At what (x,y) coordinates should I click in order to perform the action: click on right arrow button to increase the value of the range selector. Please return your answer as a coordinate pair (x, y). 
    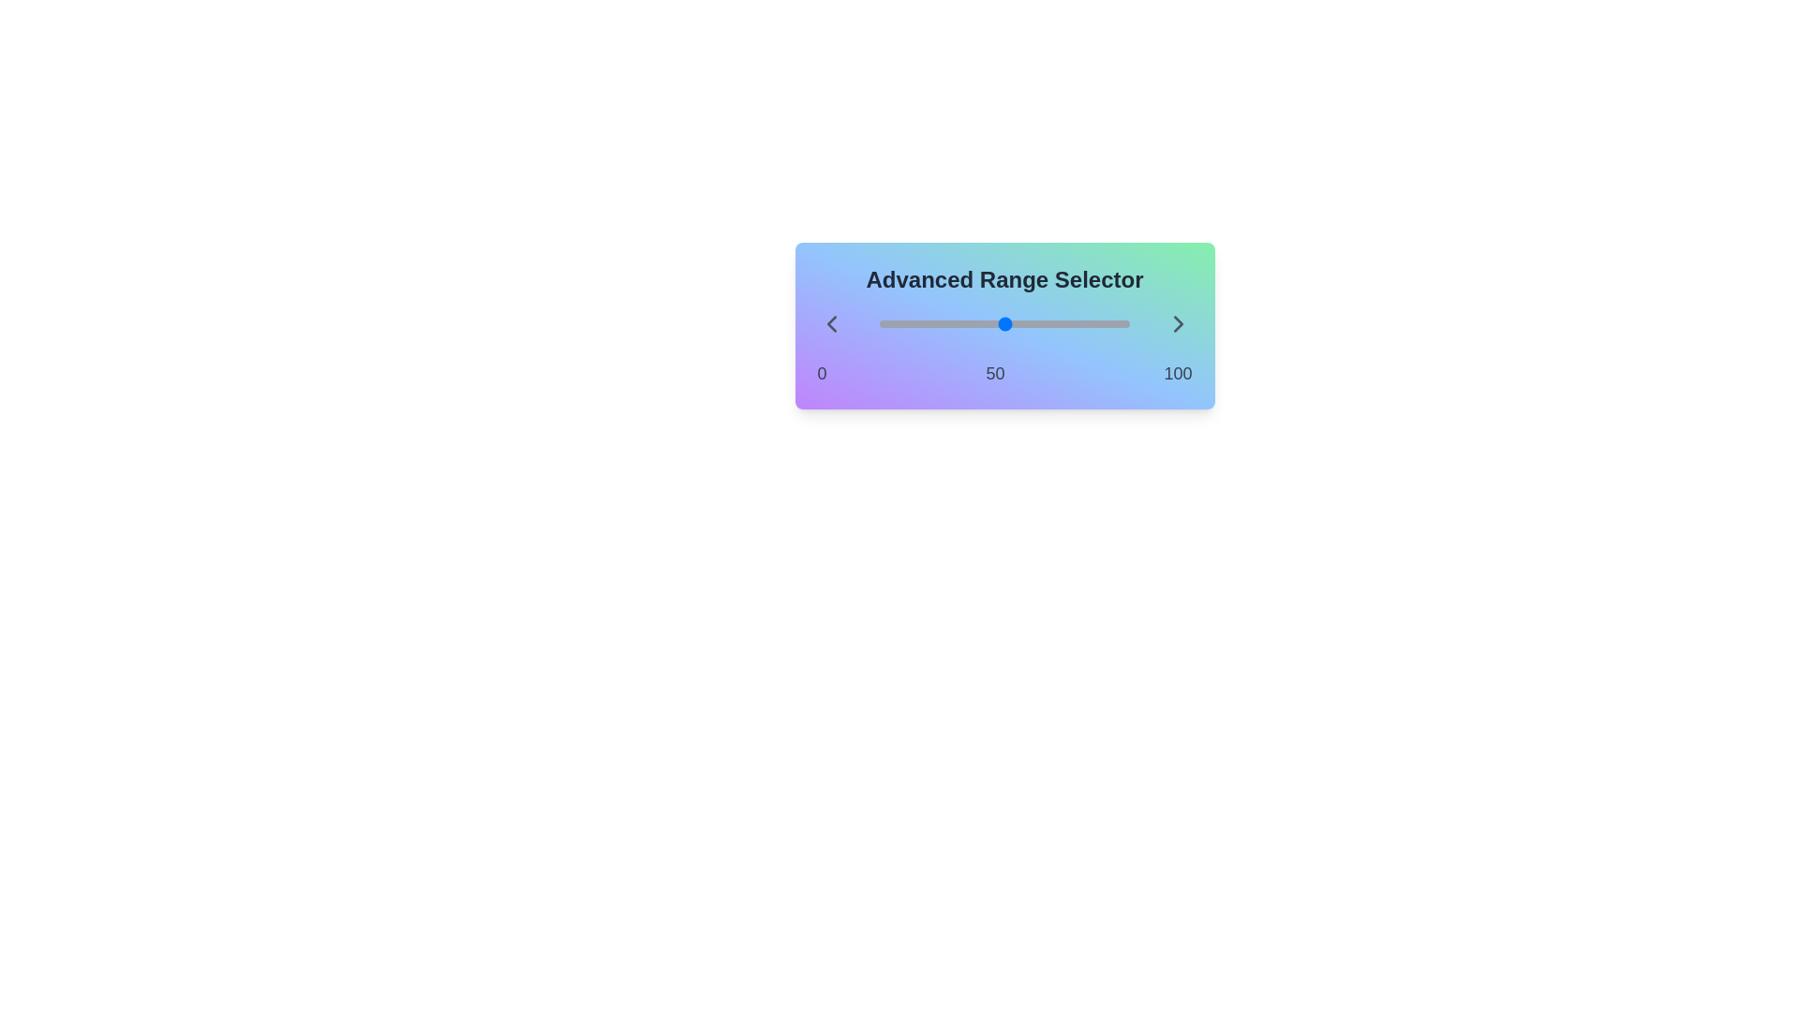
    Looking at the image, I should click on (1177, 323).